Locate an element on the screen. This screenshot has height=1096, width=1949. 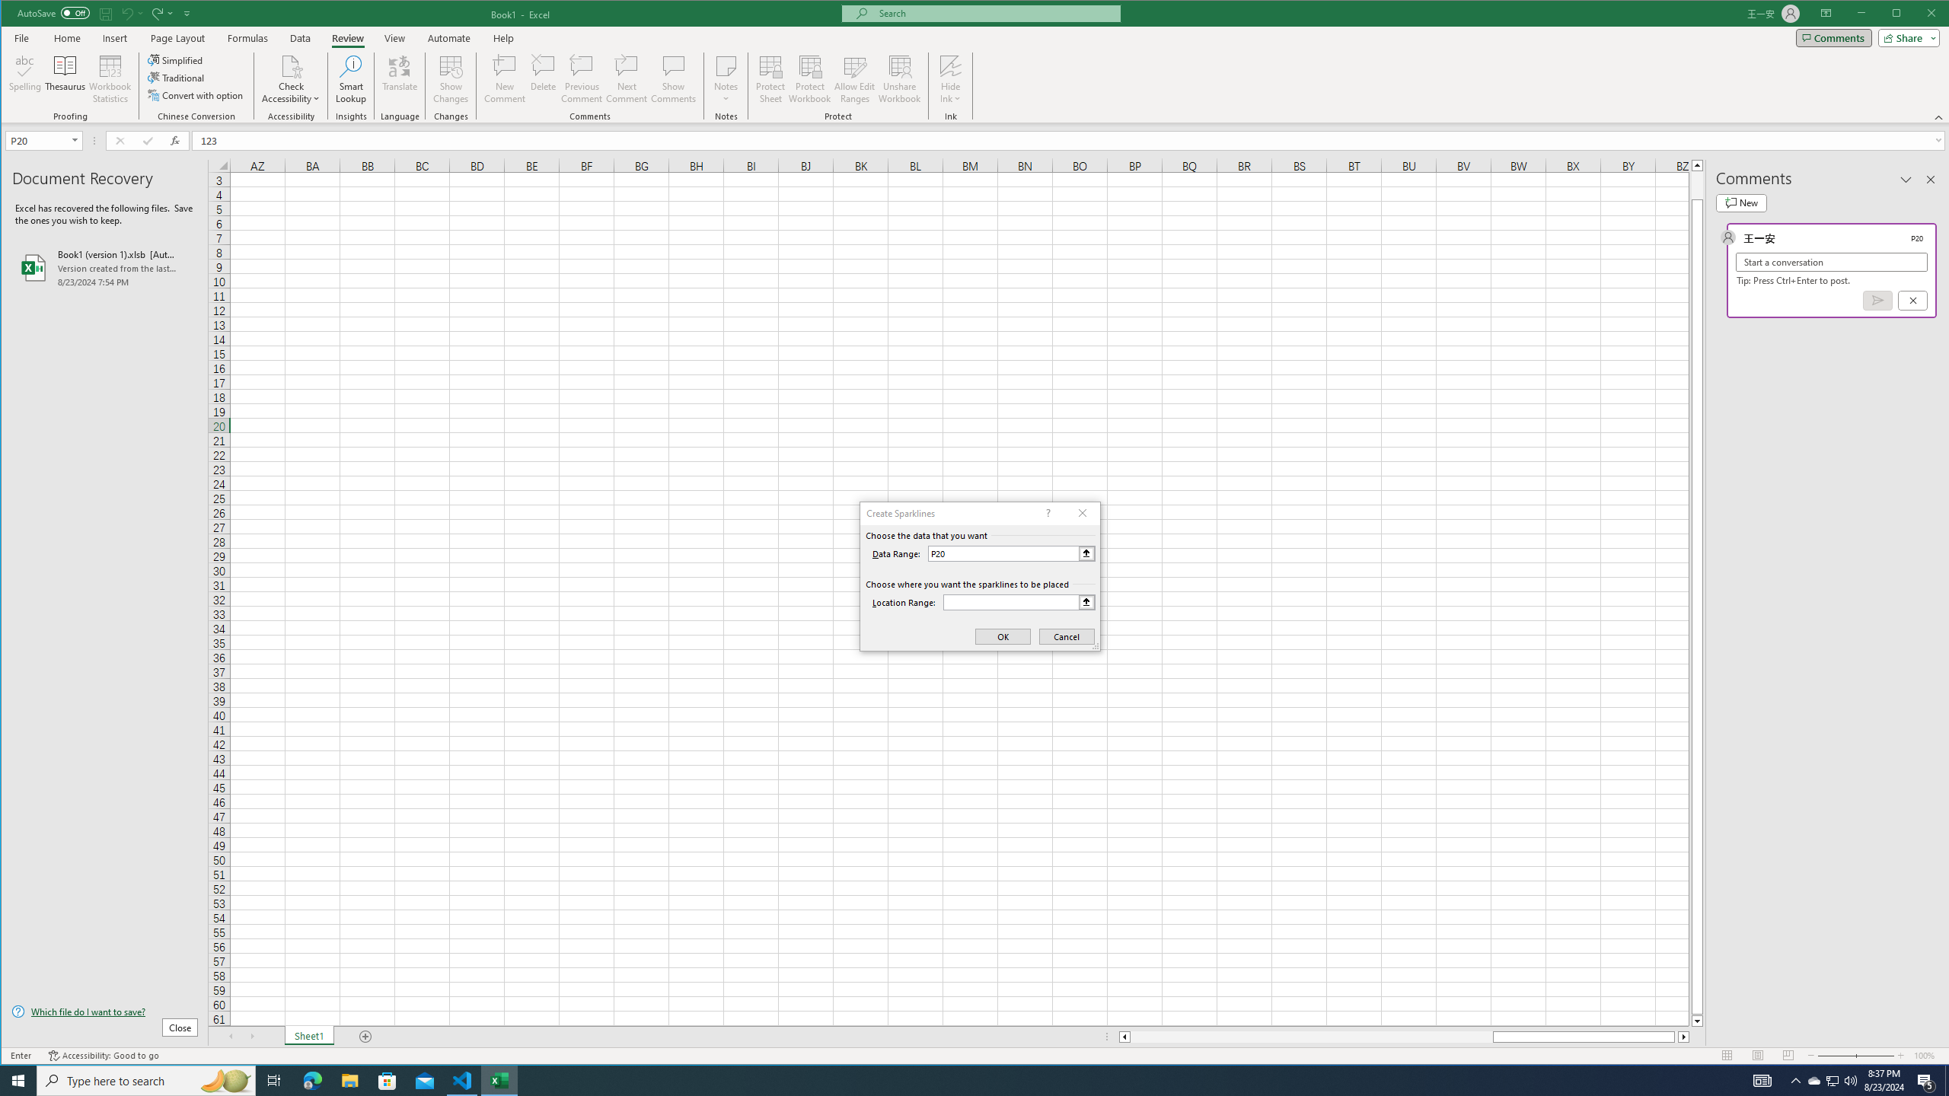
'Scroll Left' is located at coordinates (230, 1037).